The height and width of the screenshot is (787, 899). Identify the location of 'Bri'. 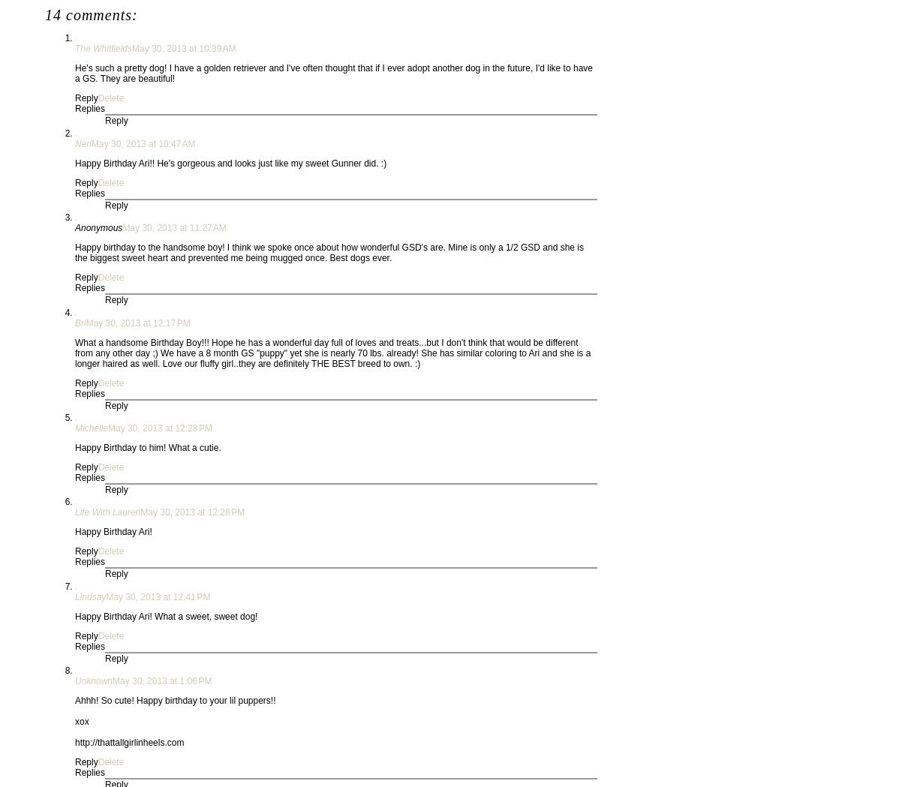
(79, 321).